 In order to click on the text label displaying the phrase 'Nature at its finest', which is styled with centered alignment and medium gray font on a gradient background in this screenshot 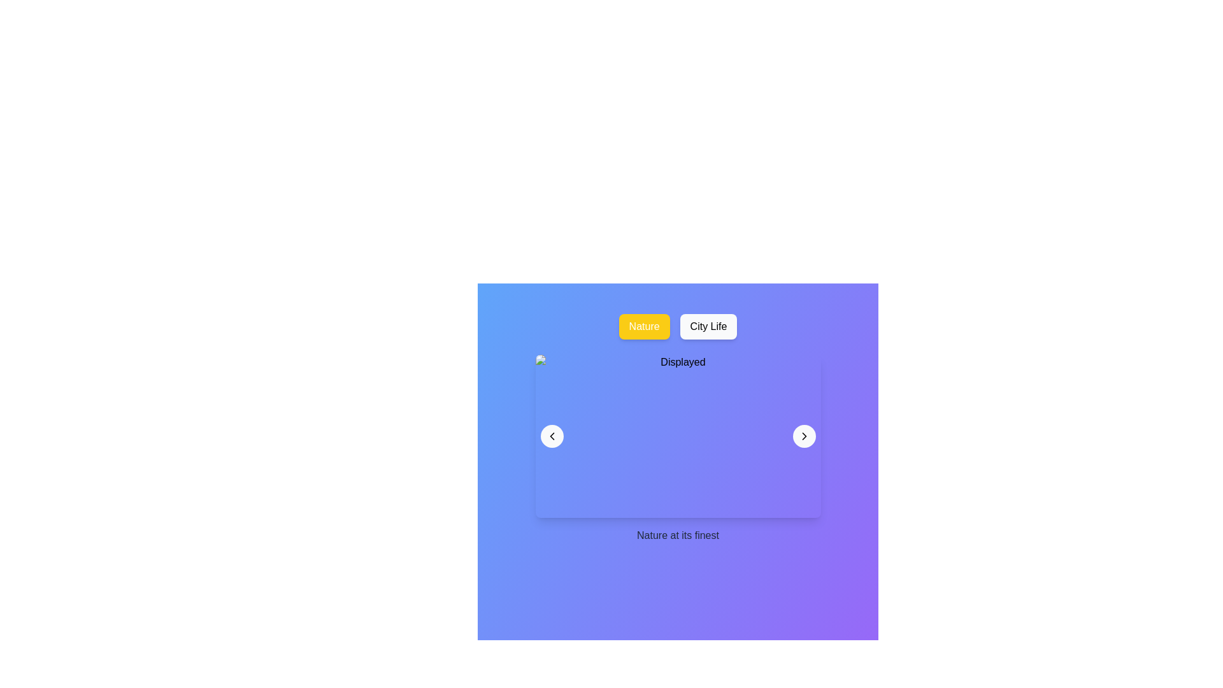, I will do `click(677, 535)`.